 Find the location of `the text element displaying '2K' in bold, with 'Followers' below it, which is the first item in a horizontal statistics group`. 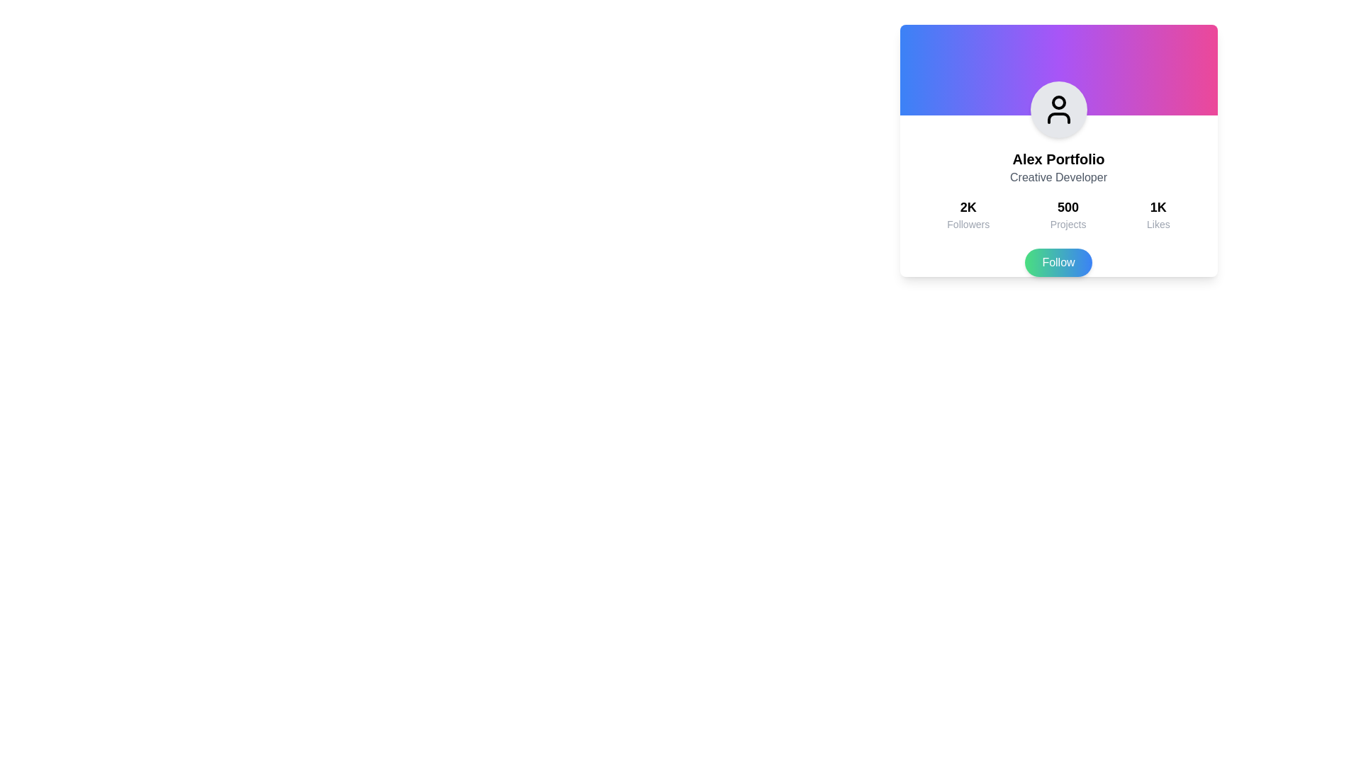

the text element displaying '2K' in bold, with 'Followers' below it, which is the first item in a horizontal statistics group is located at coordinates (968, 215).